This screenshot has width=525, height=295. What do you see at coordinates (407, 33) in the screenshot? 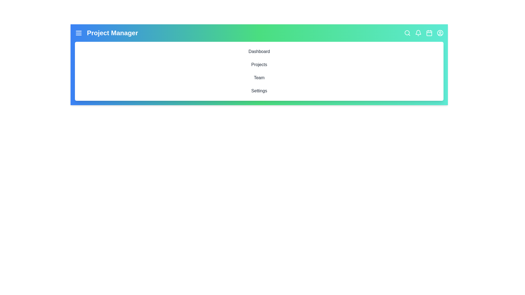
I see `the interactive element Search to inspect its hover effect` at bounding box center [407, 33].